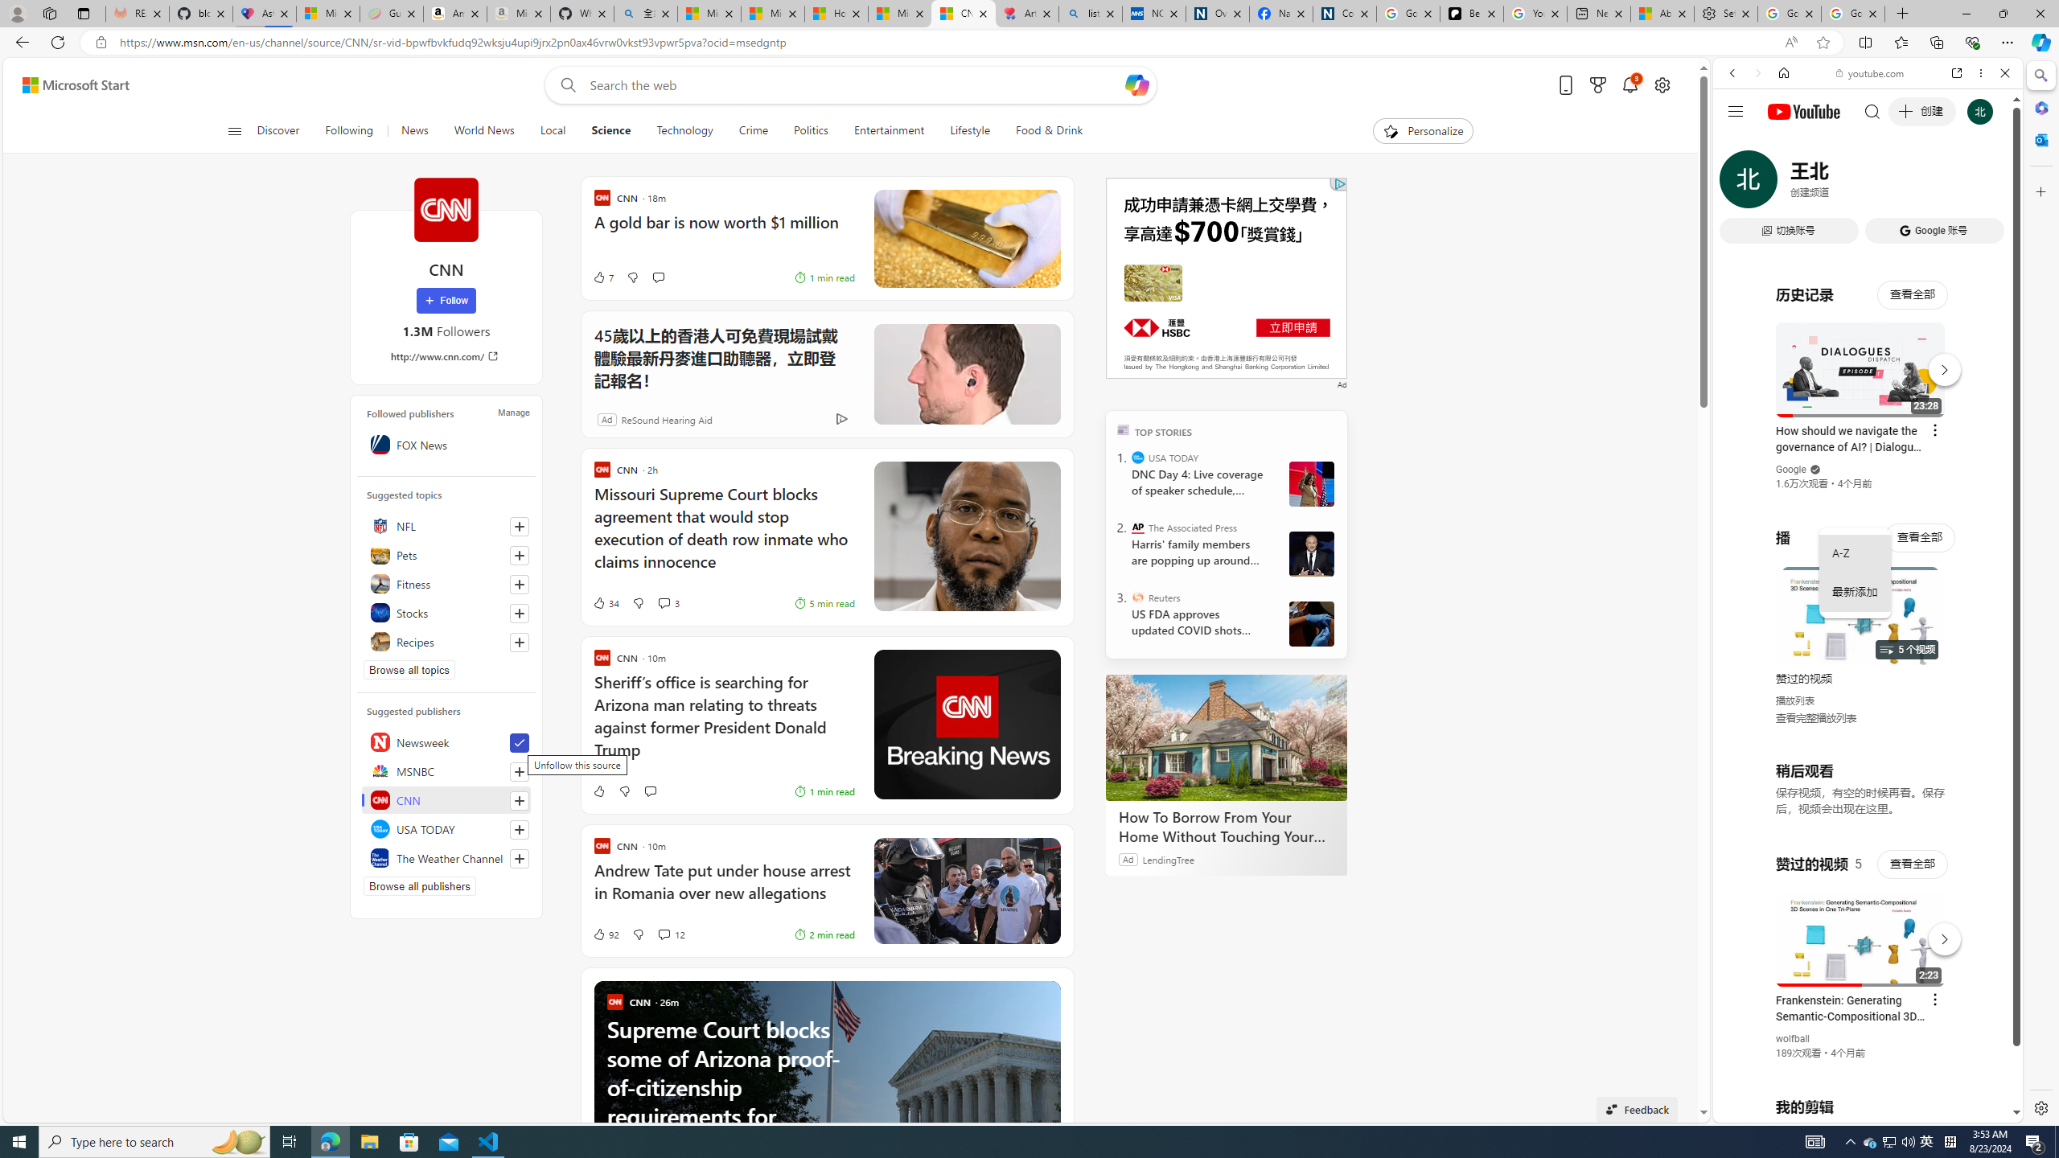  I want to click on 'A-Z', so click(1855, 554).